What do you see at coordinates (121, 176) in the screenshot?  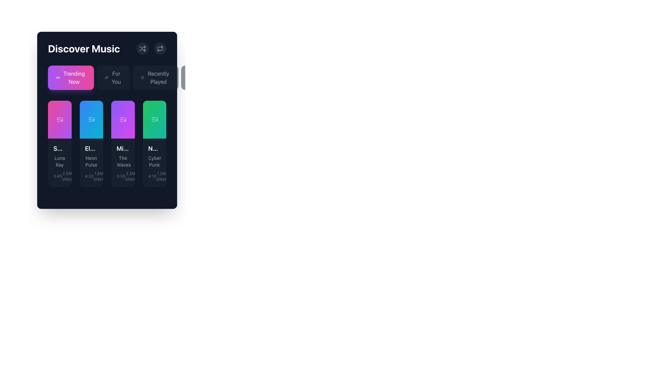 I see `the text displaying the time duration '3:55' which is styled with a small, gray font and located in the third card of the 'Discover Music' section` at bounding box center [121, 176].